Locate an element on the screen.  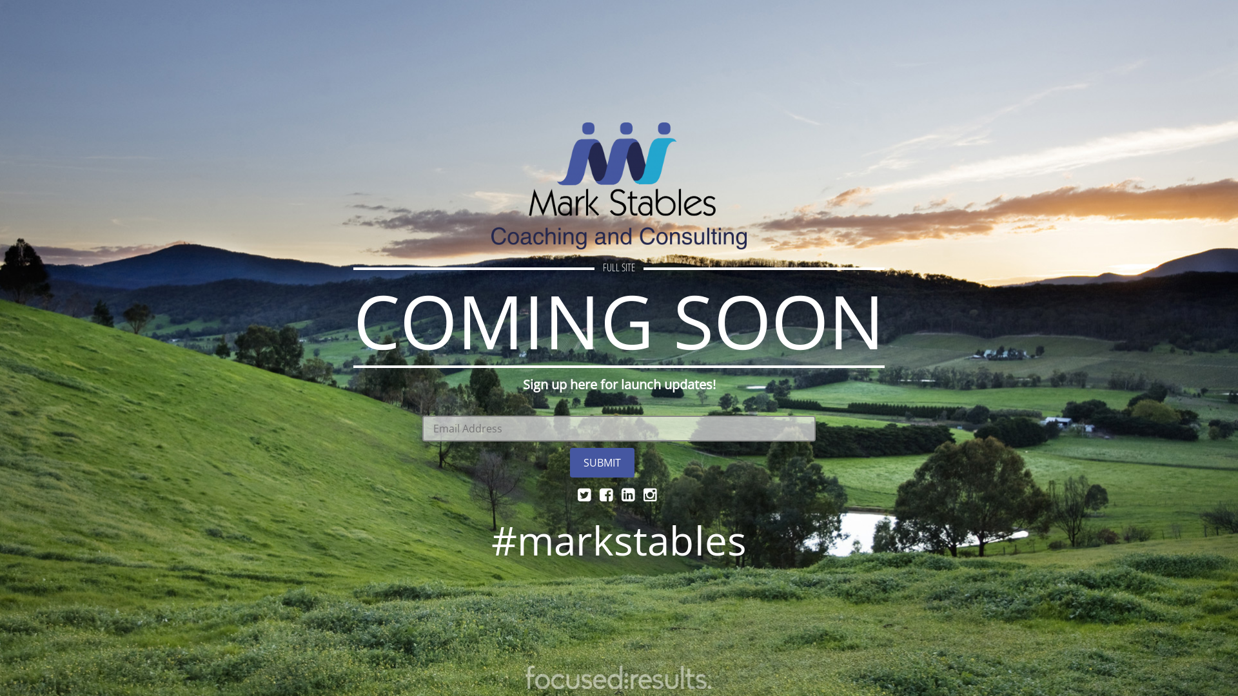
'SUBMIT' is located at coordinates (602, 461).